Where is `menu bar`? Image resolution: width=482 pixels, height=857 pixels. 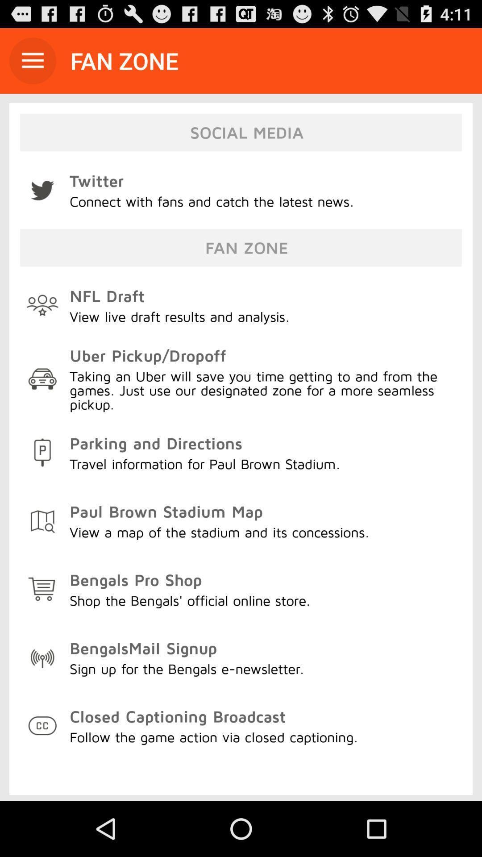 menu bar is located at coordinates (32, 60).